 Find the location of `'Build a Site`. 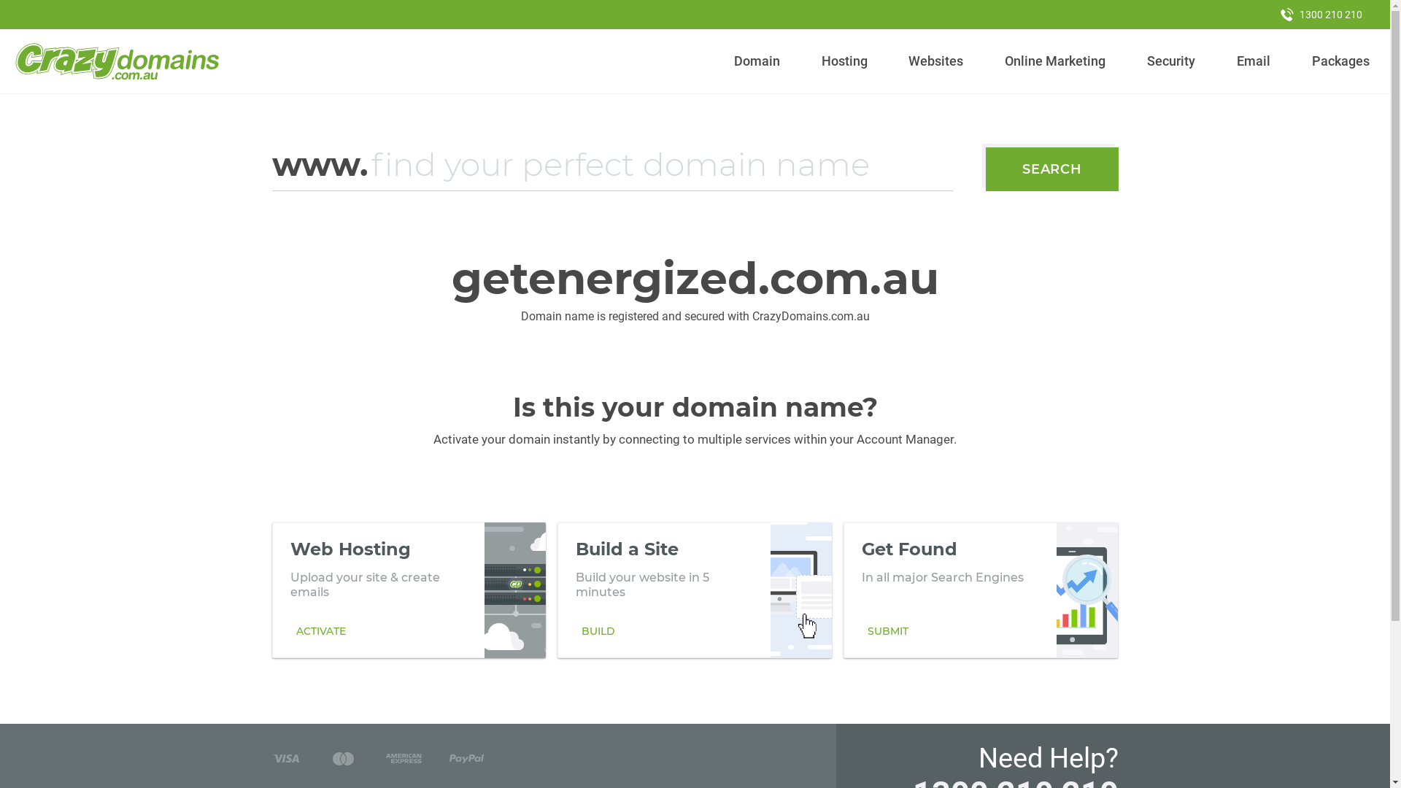

'Build a Site is located at coordinates (693, 590).